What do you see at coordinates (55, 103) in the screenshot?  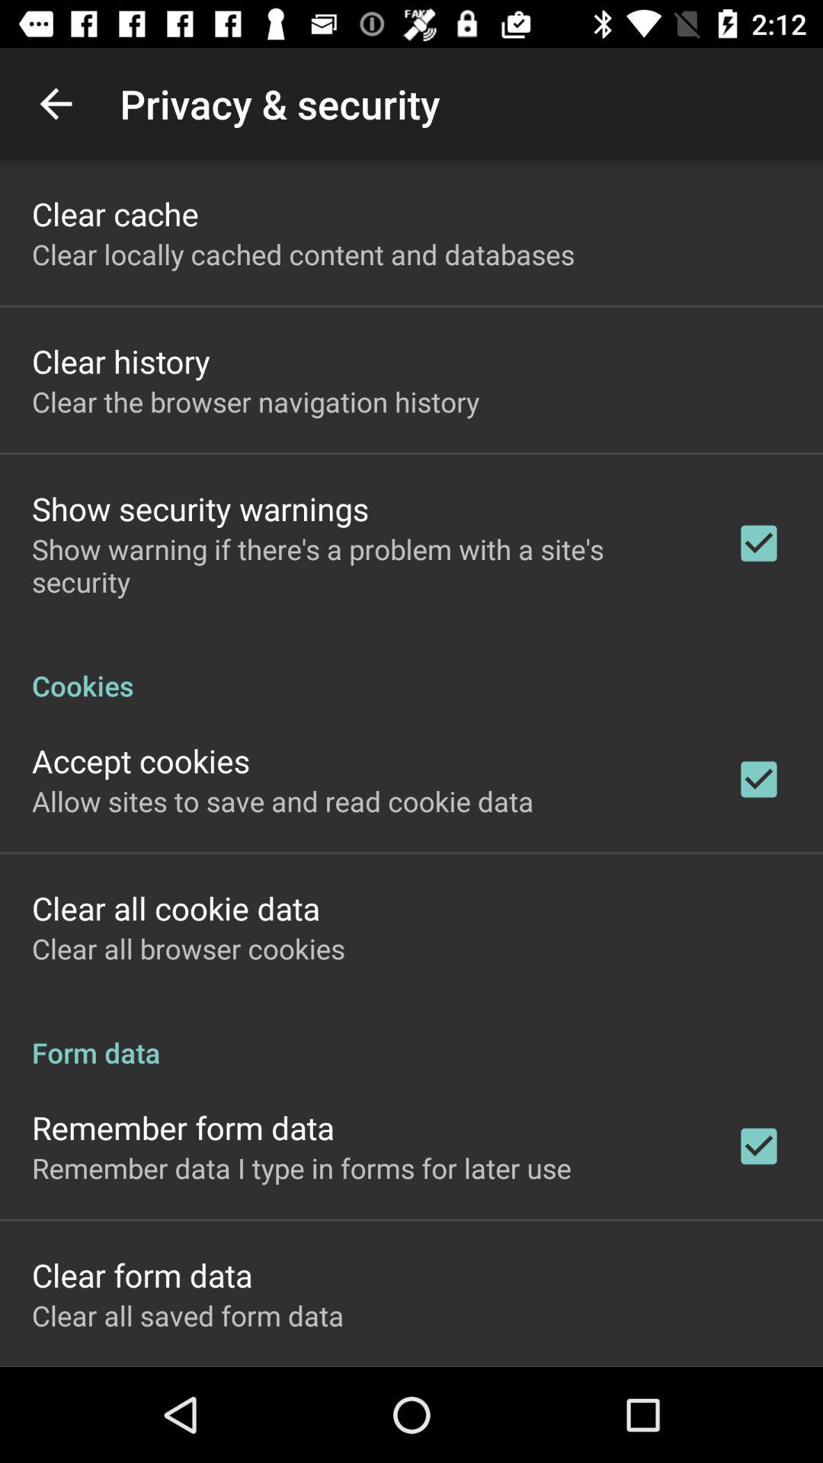 I see `the icon next to privacy & security icon` at bounding box center [55, 103].